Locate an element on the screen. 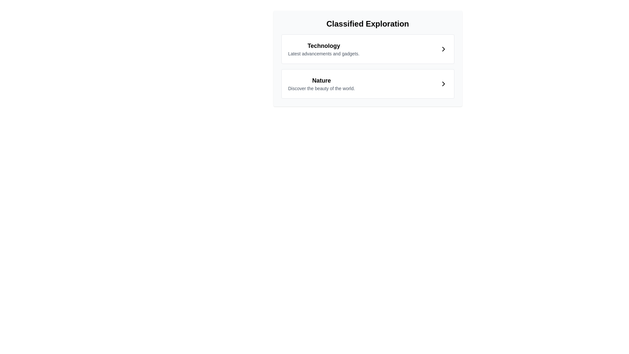  the Text block containing the title 'Nature' and the description 'Discover the beauty of the world.' is located at coordinates (321, 83).